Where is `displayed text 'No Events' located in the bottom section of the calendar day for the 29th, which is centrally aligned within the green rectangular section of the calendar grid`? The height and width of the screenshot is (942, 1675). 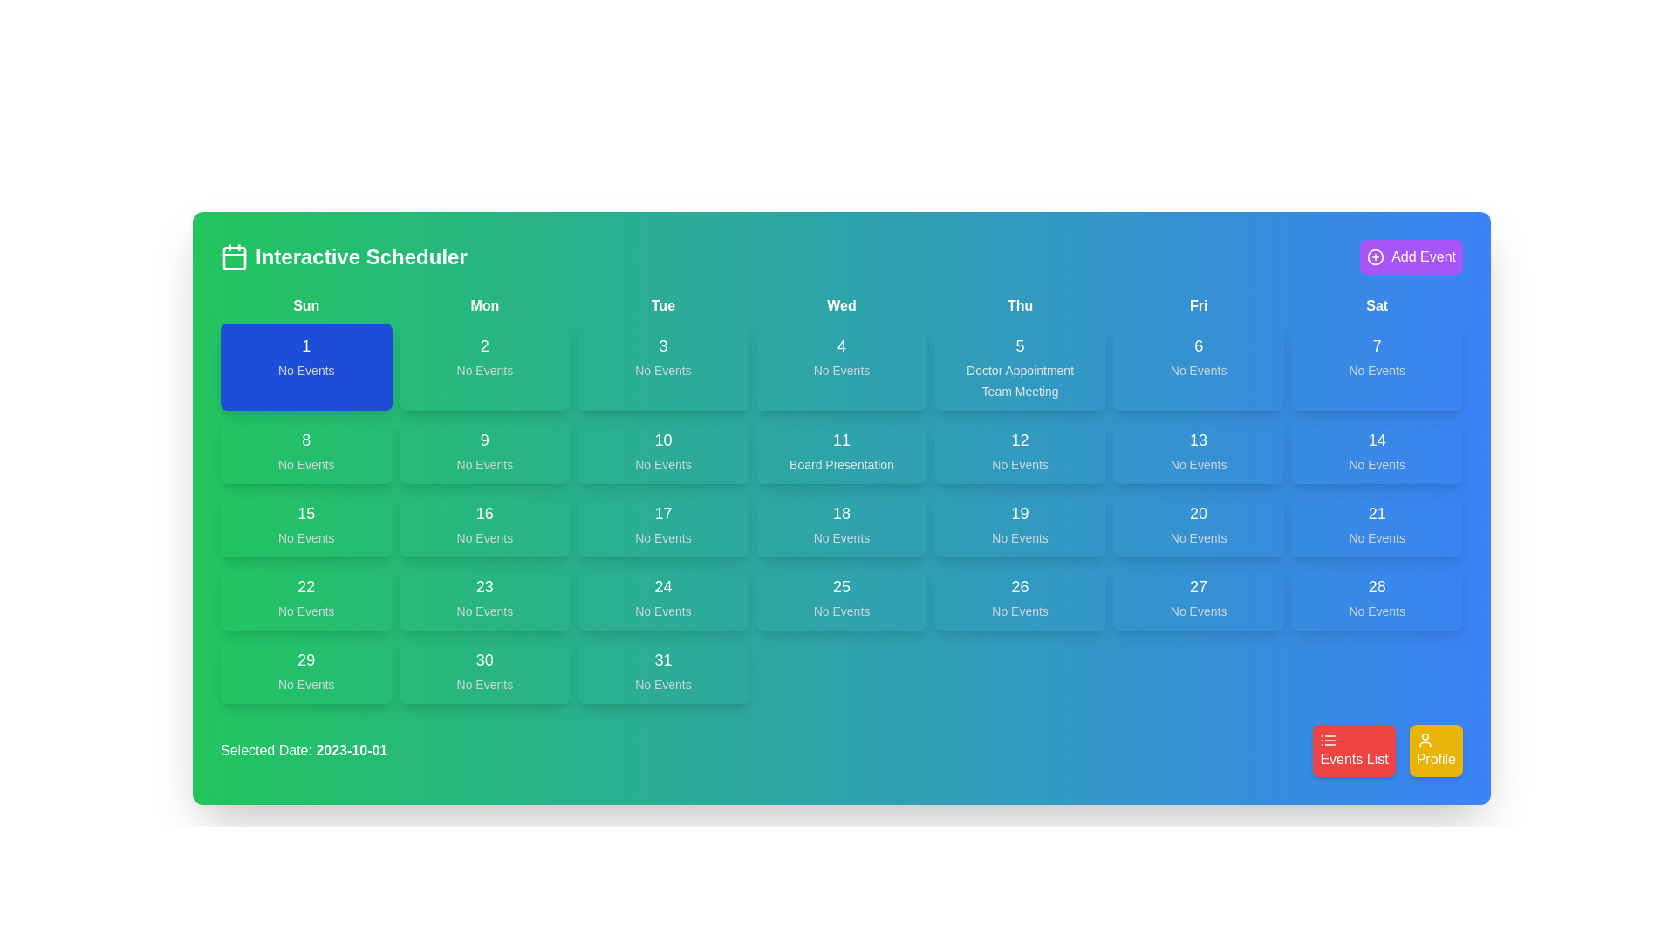
displayed text 'No Events' located in the bottom section of the calendar day for the 29th, which is centrally aligned within the green rectangular section of the calendar grid is located at coordinates (306, 684).